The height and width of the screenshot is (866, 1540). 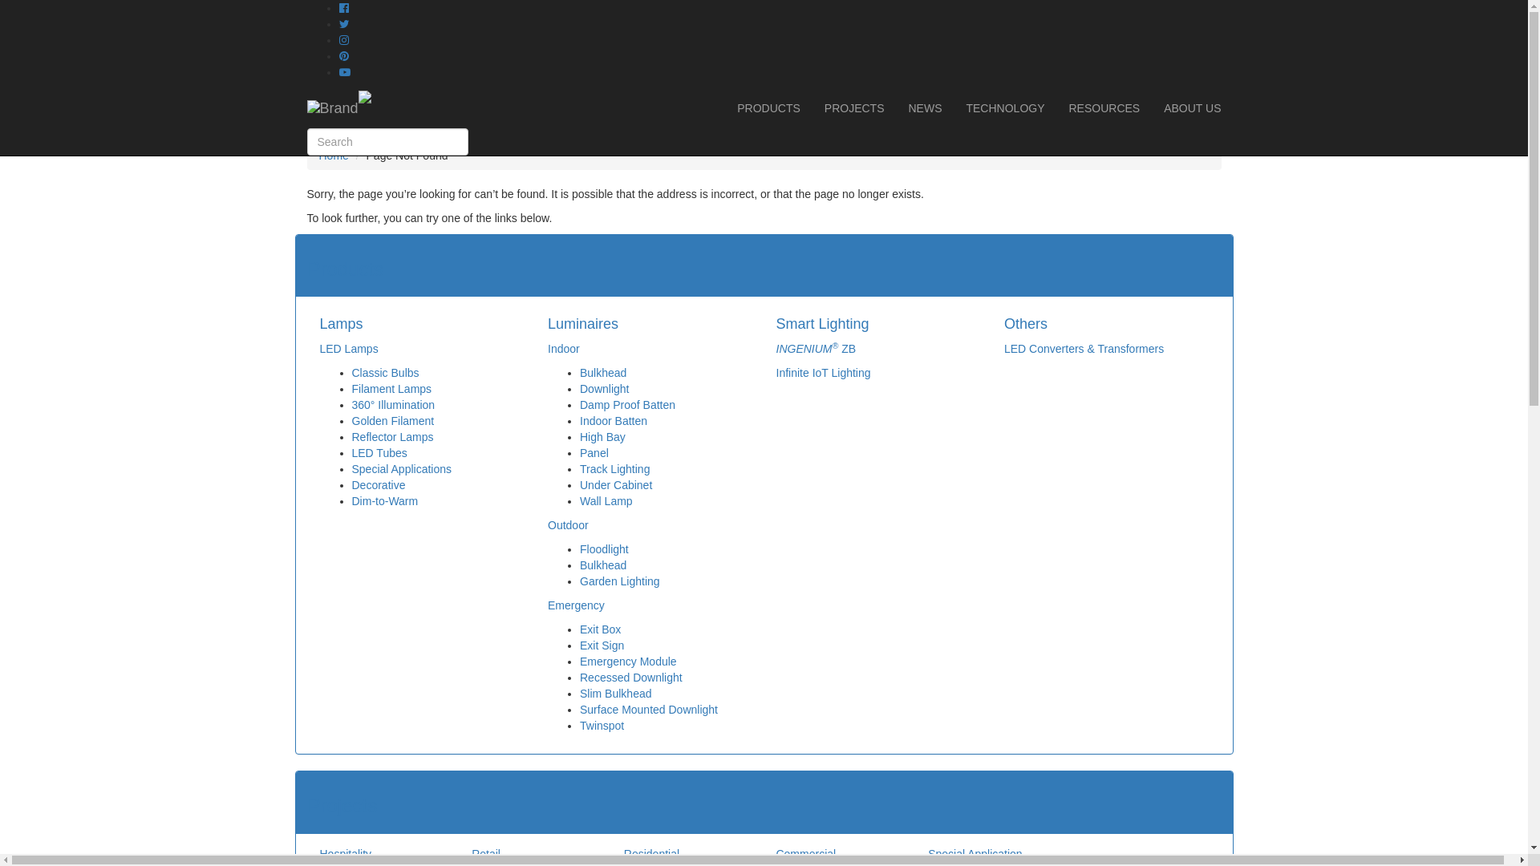 What do you see at coordinates (391, 389) in the screenshot?
I see `'Filament Lamps'` at bounding box center [391, 389].